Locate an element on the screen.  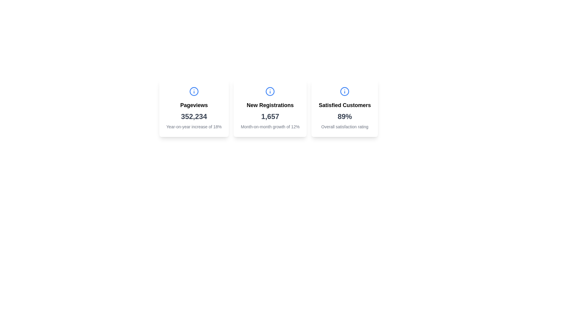
the information icon located above the text content in the 'Satisfied Customers' card is located at coordinates (345, 91).